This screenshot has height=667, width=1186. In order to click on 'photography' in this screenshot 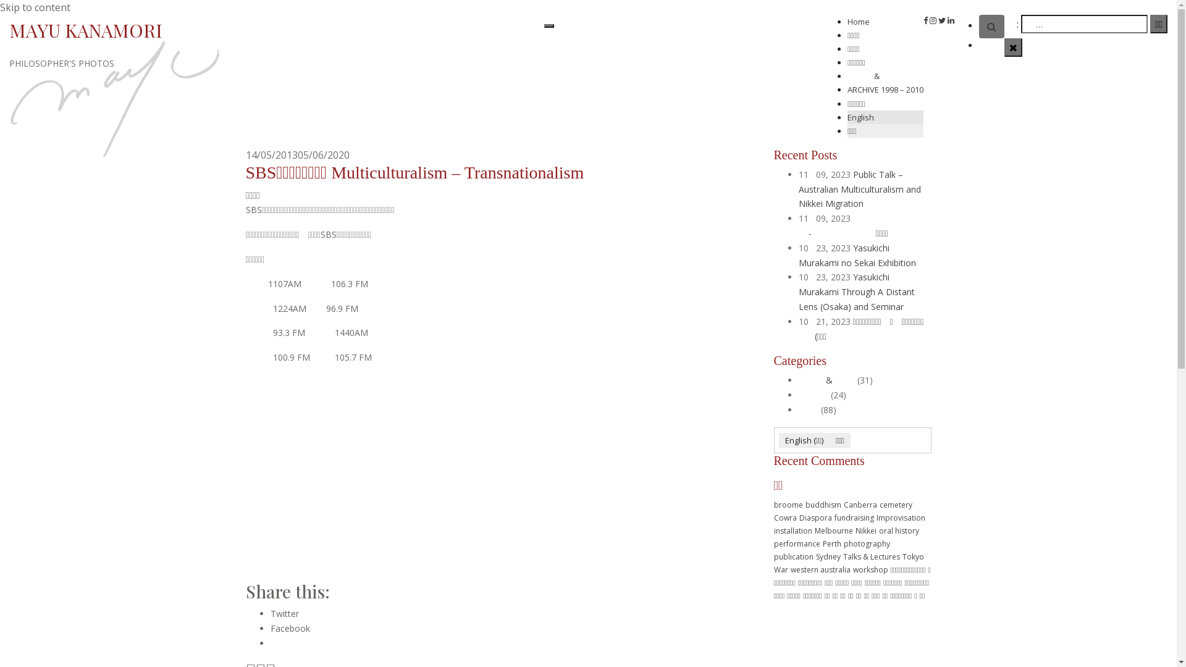, I will do `click(866, 543)`.